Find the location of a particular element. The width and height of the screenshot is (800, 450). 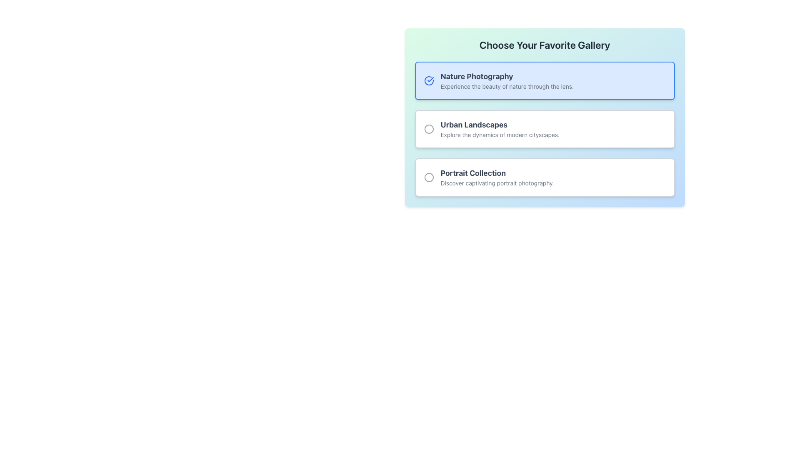

the visual indicator icon representing the selected state for the list item associated with the text 'Nature Photography Experience the beauty of nature through the lens.' is located at coordinates (429, 80).